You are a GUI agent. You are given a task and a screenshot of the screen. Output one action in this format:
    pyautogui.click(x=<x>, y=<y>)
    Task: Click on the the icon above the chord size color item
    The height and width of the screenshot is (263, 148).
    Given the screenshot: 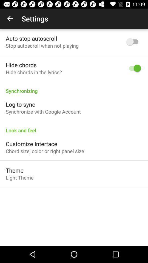 What is the action you would take?
    pyautogui.click(x=31, y=144)
    